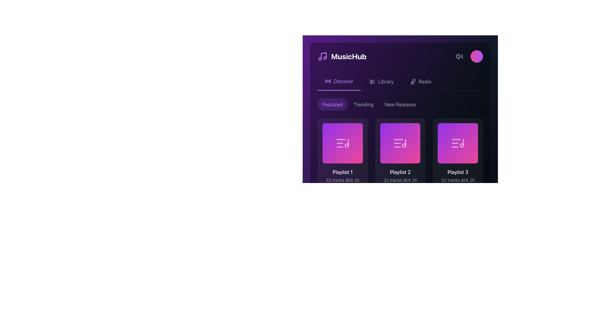  I want to click on the play button located in the bottom-right corner of the playlist card, so click(408, 243).